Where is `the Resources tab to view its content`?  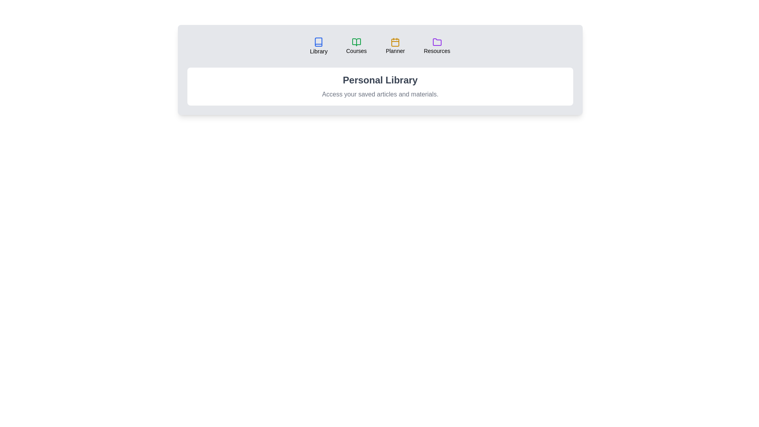 the Resources tab to view its content is located at coordinates (436, 46).